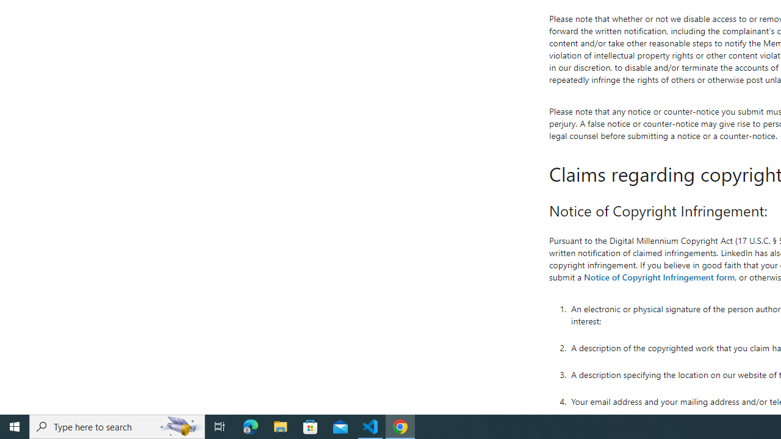  Describe the element at coordinates (658, 276) in the screenshot. I see `'Notice of Copyright Infringement form'` at that location.